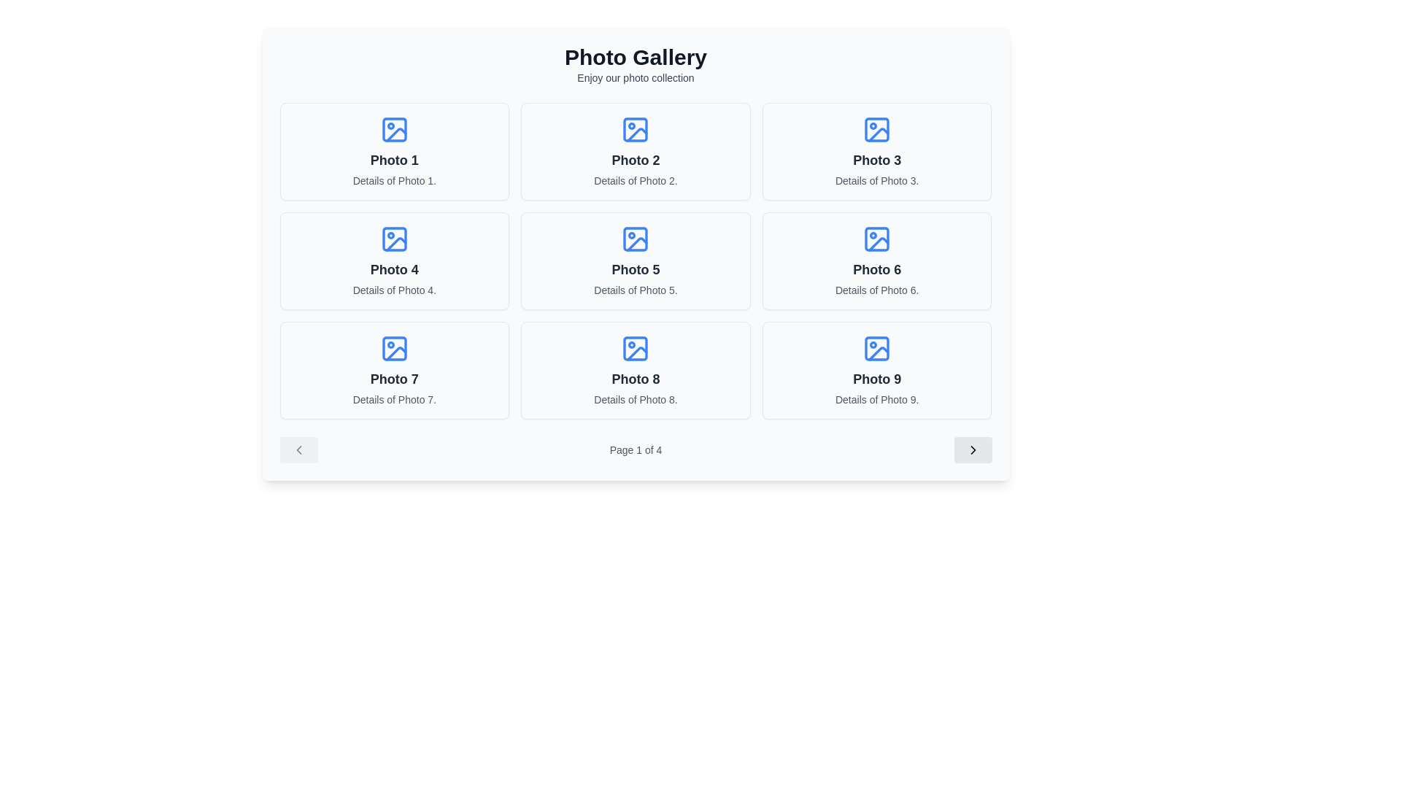  Describe the element at coordinates (636, 238) in the screenshot. I see `the blue image icon located at the top of the card labeled 'Photo 5' in the second row and second column of the grid` at that location.